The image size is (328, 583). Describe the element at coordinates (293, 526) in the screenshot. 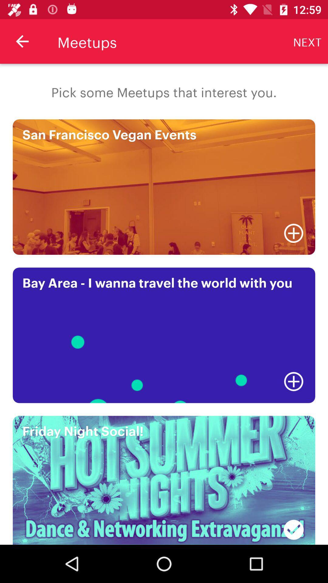

I see `the button at the bottom right corner` at that location.